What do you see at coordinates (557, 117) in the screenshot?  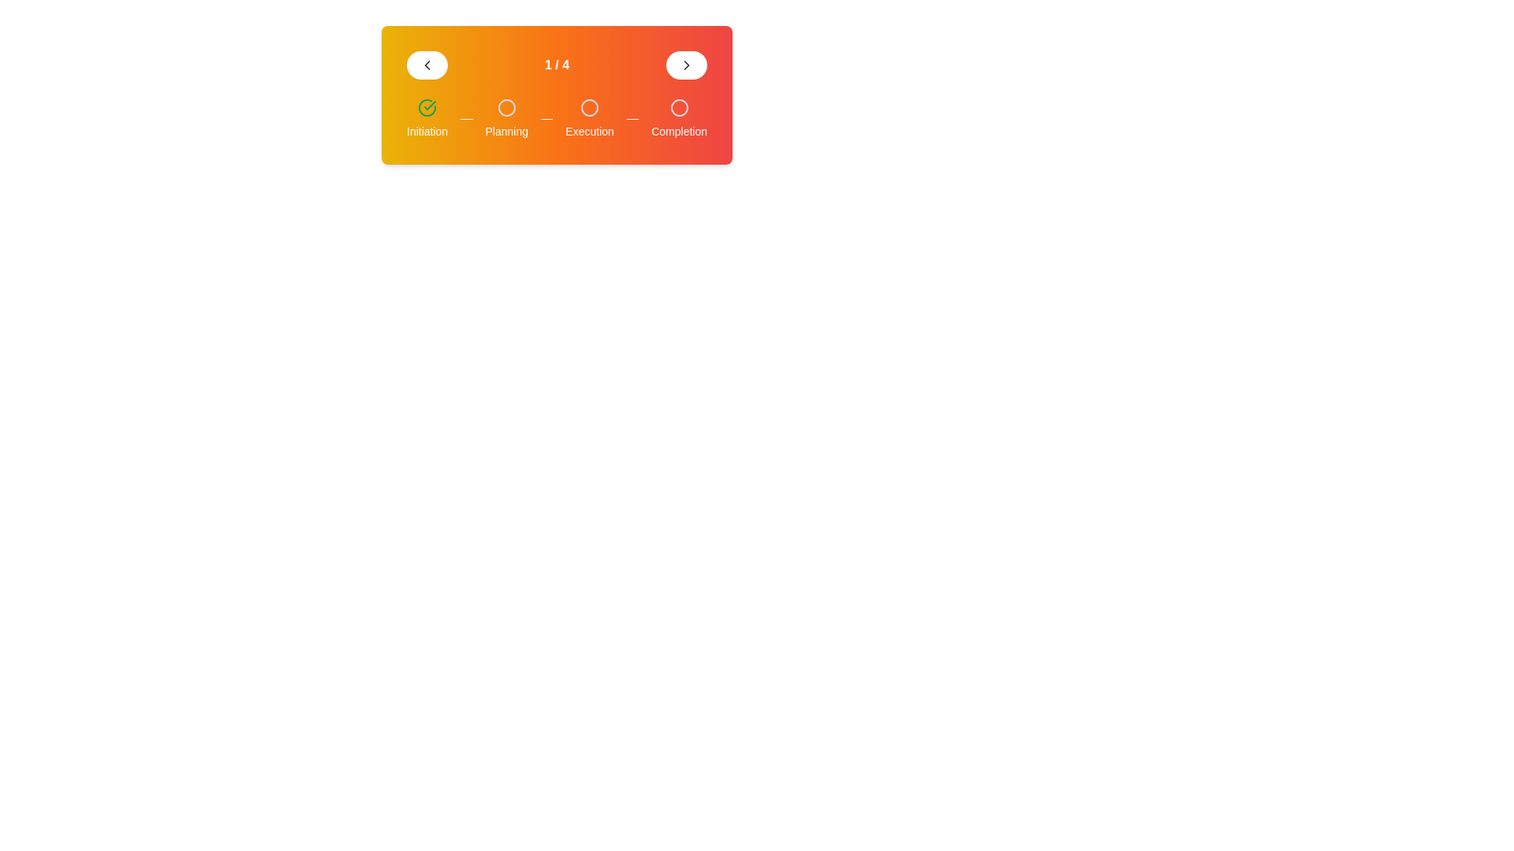 I see `the stage icons of the progress bar control, which includes stages labeled 'Initiation', 'Planning', 'Execution', and 'Completion', to attempt stage navigation` at bounding box center [557, 117].